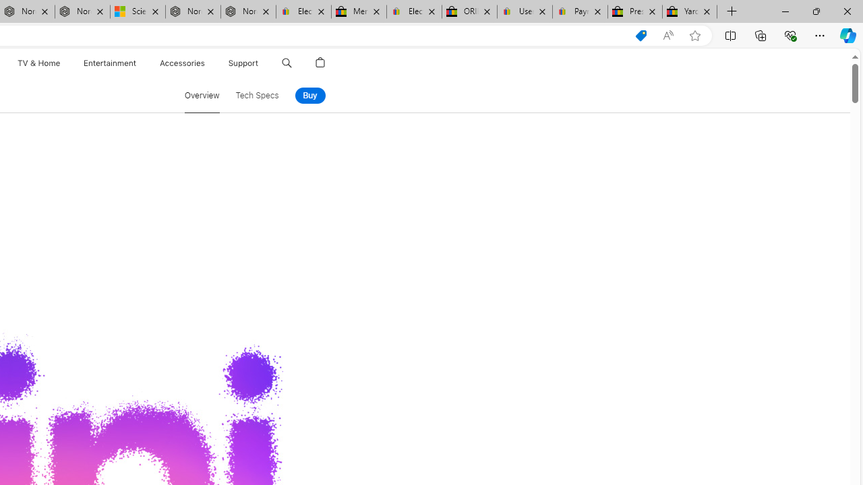 The height and width of the screenshot is (485, 863). What do you see at coordinates (641, 35) in the screenshot?
I see `'Shopping in Microsoft Edge'` at bounding box center [641, 35].